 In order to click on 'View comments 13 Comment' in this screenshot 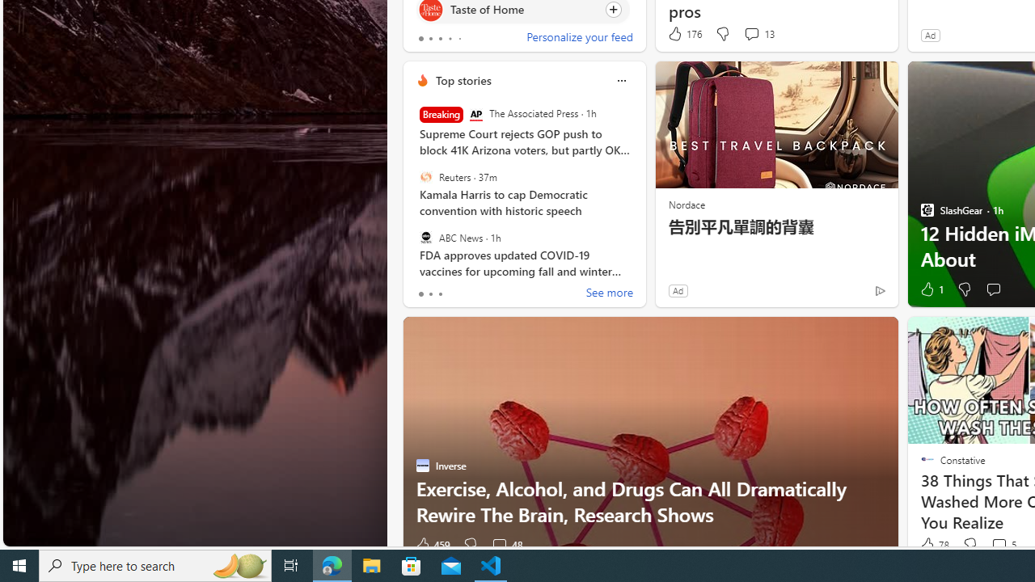, I will do `click(750, 33)`.